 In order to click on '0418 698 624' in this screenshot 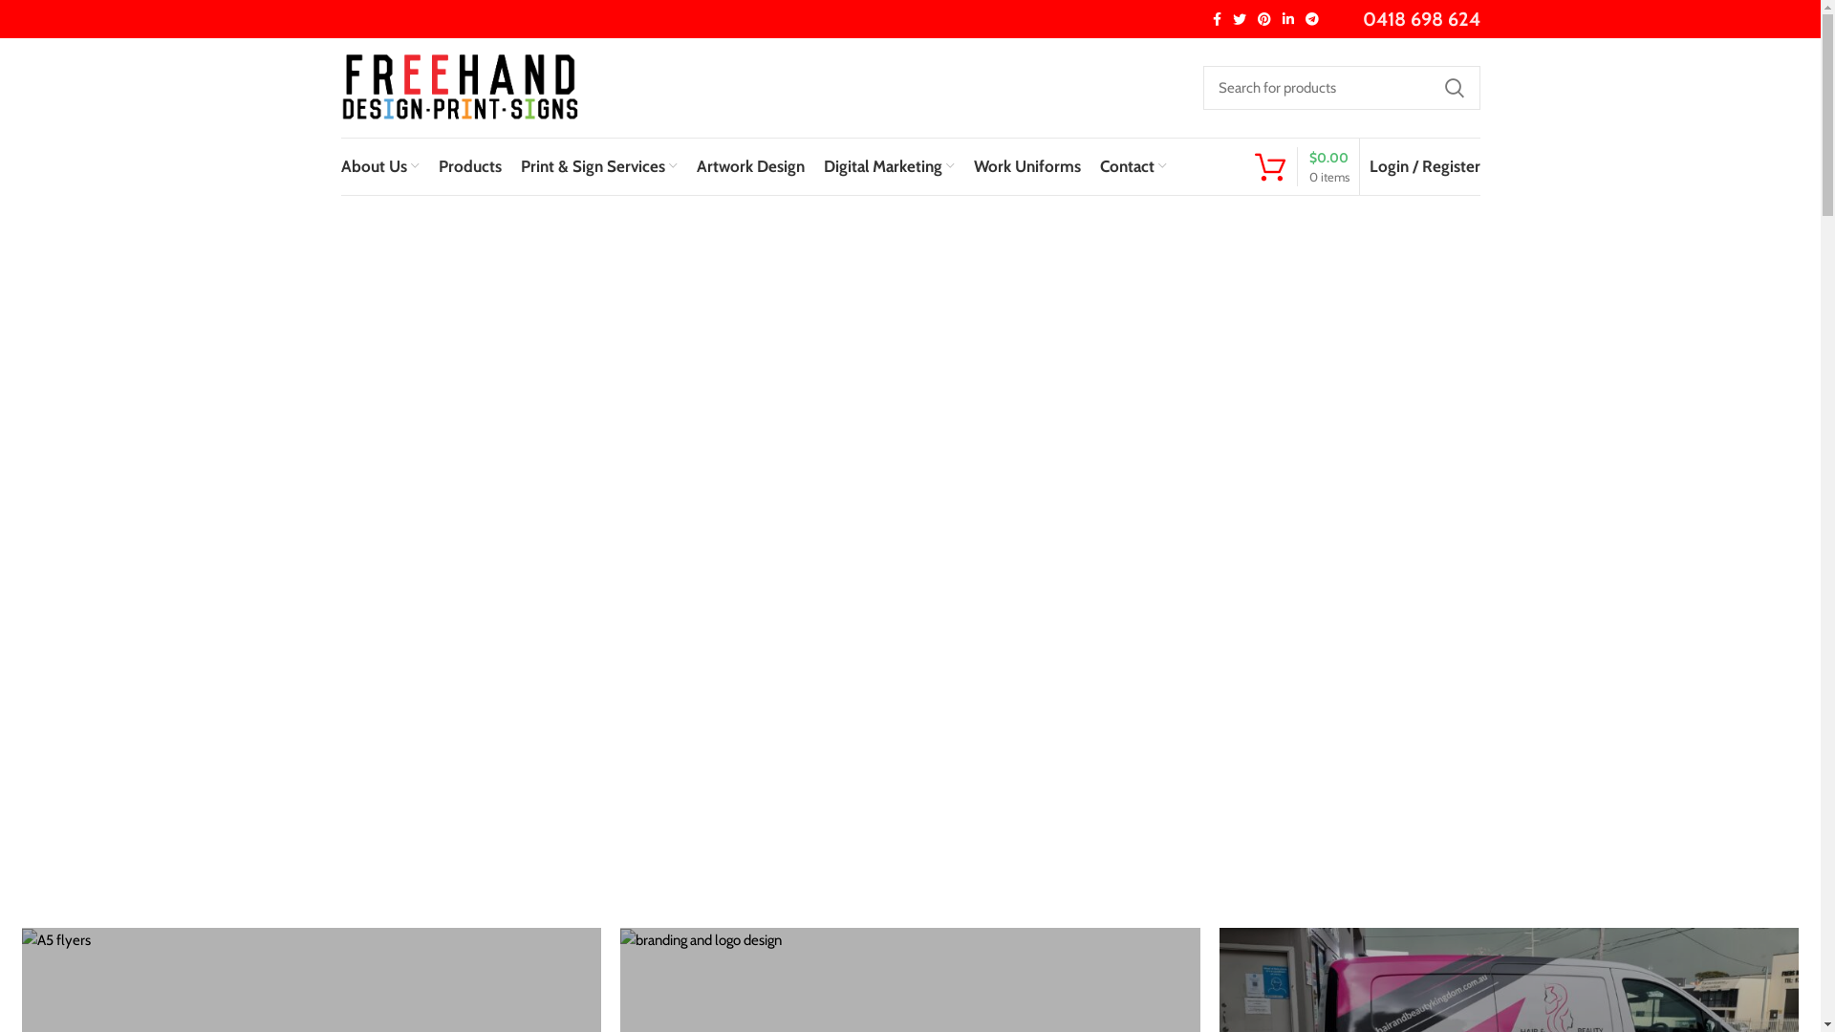, I will do `click(1421, 18)`.